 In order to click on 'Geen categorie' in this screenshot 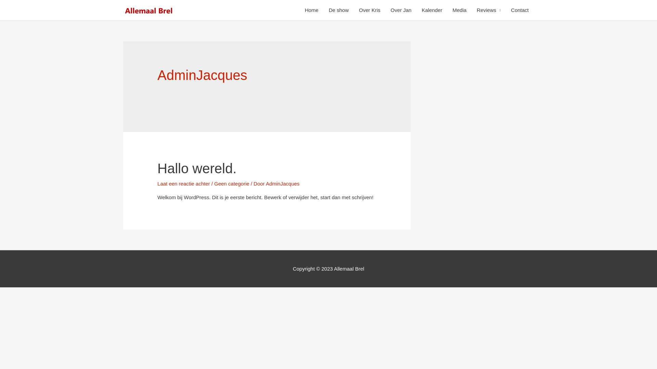, I will do `click(232, 183)`.